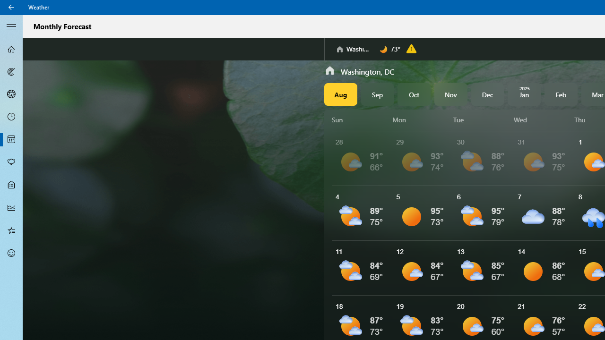 The height and width of the screenshot is (340, 605). Describe the element at coordinates (11, 207) in the screenshot. I see `'Historical Weather - Not Selected'` at that location.